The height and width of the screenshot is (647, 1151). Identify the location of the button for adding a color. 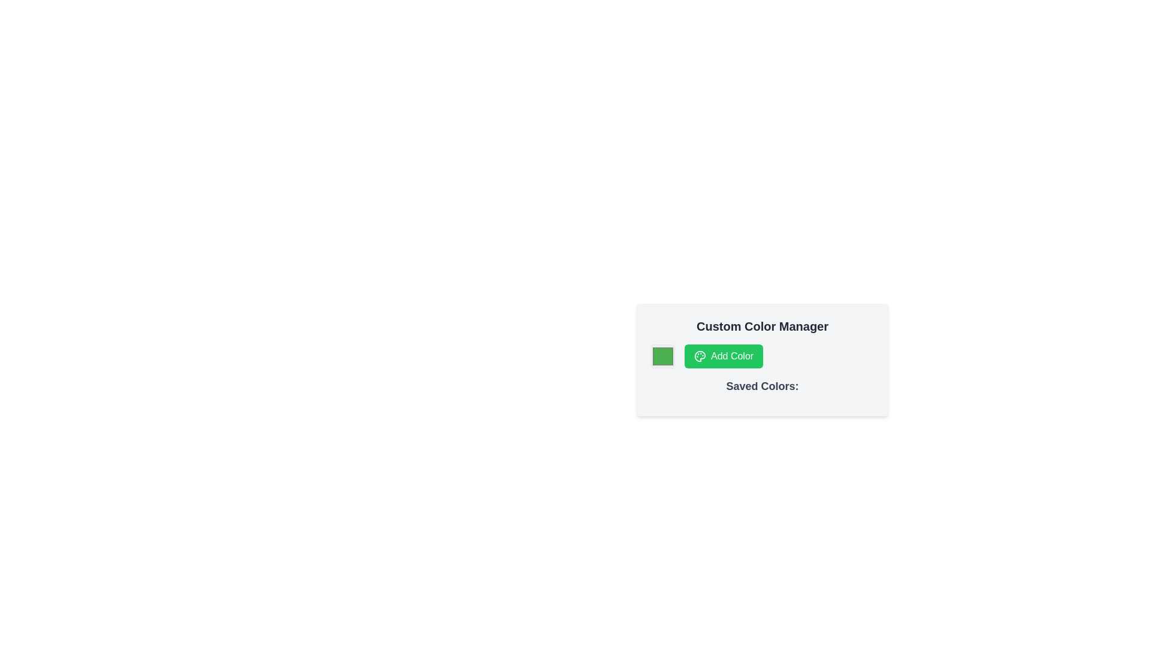
(723, 355).